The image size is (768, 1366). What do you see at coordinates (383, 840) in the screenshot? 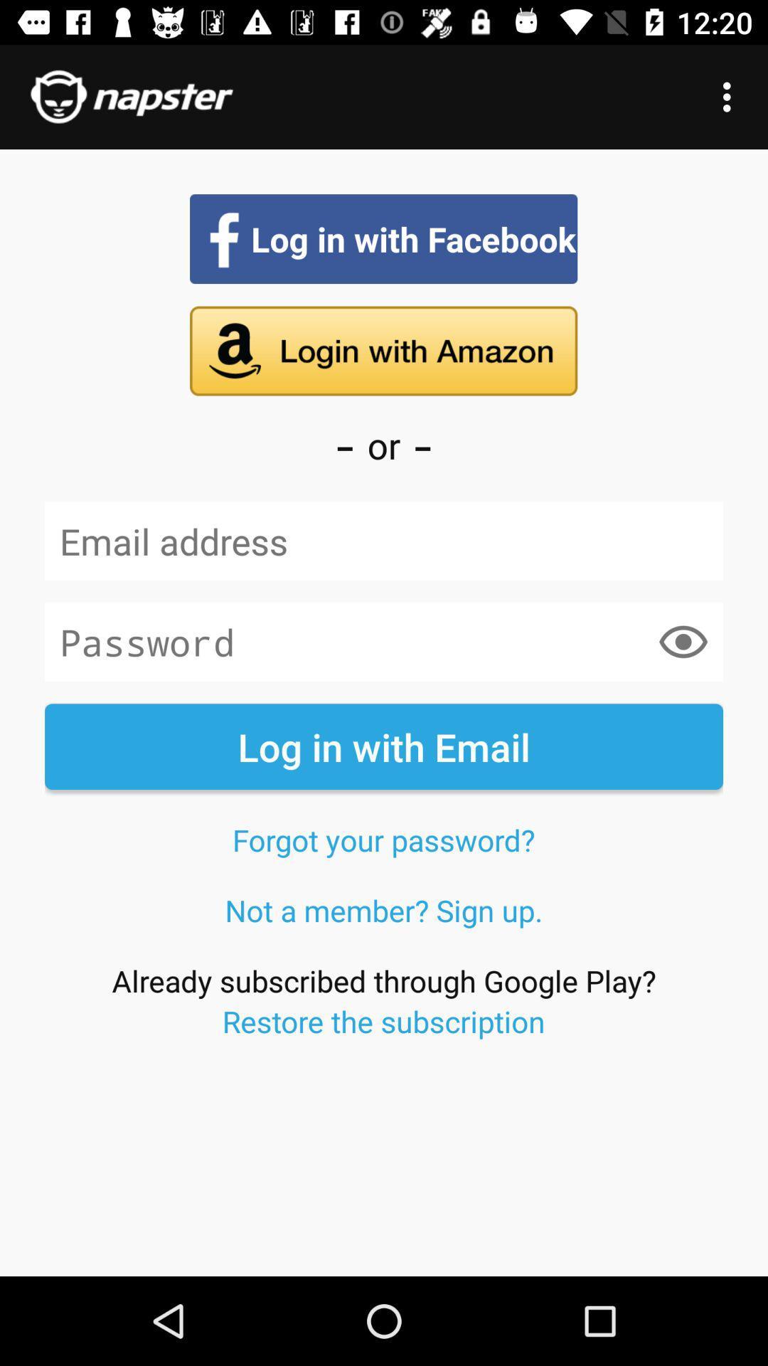
I see `icon below the log in with item` at bounding box center [383, 840].